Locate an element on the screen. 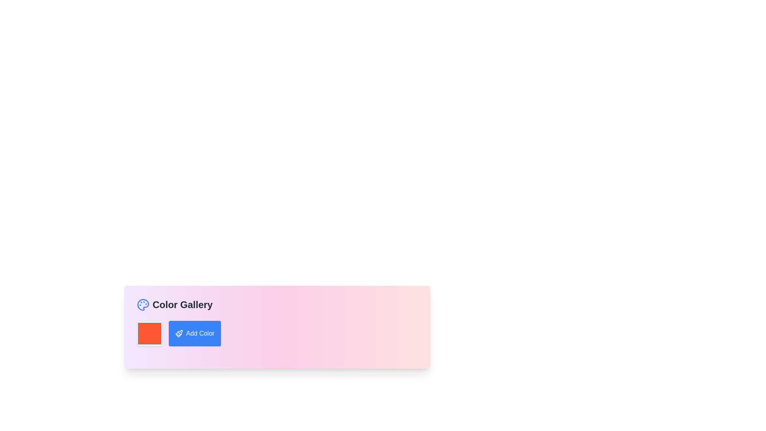 Image resolution: width=766 pixels, height=431 pixels. the painter's palette icon located at the top-left of the 'Color Gallery' section, which is styled with a blue color accent is located at coordinates (143, 304).